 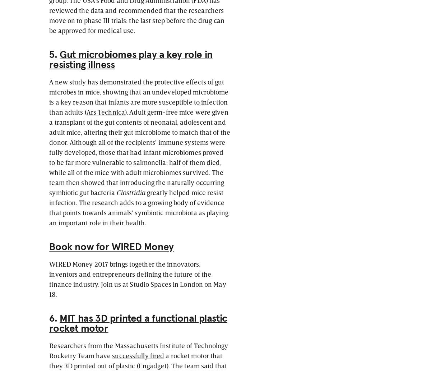 I want to click on 'Book now for WIRED Money', so click(x=111, y=246).